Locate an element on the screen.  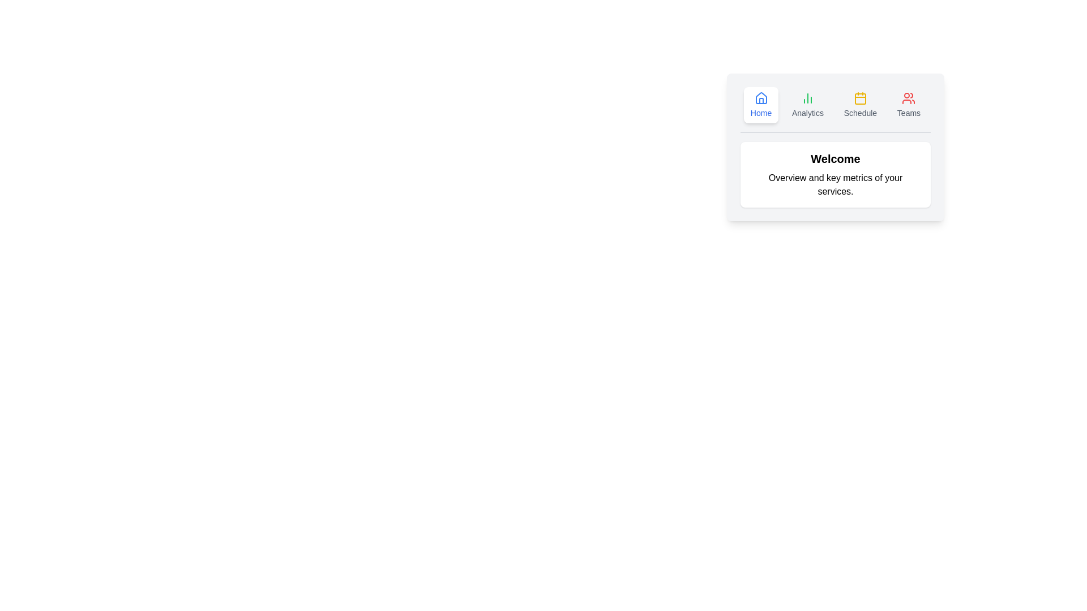
text label that serves as a descriptor for the 'Schedule' feature, positioned beneath the yellow calendar icon in the navigation bar is located at coordinates (860, 113).